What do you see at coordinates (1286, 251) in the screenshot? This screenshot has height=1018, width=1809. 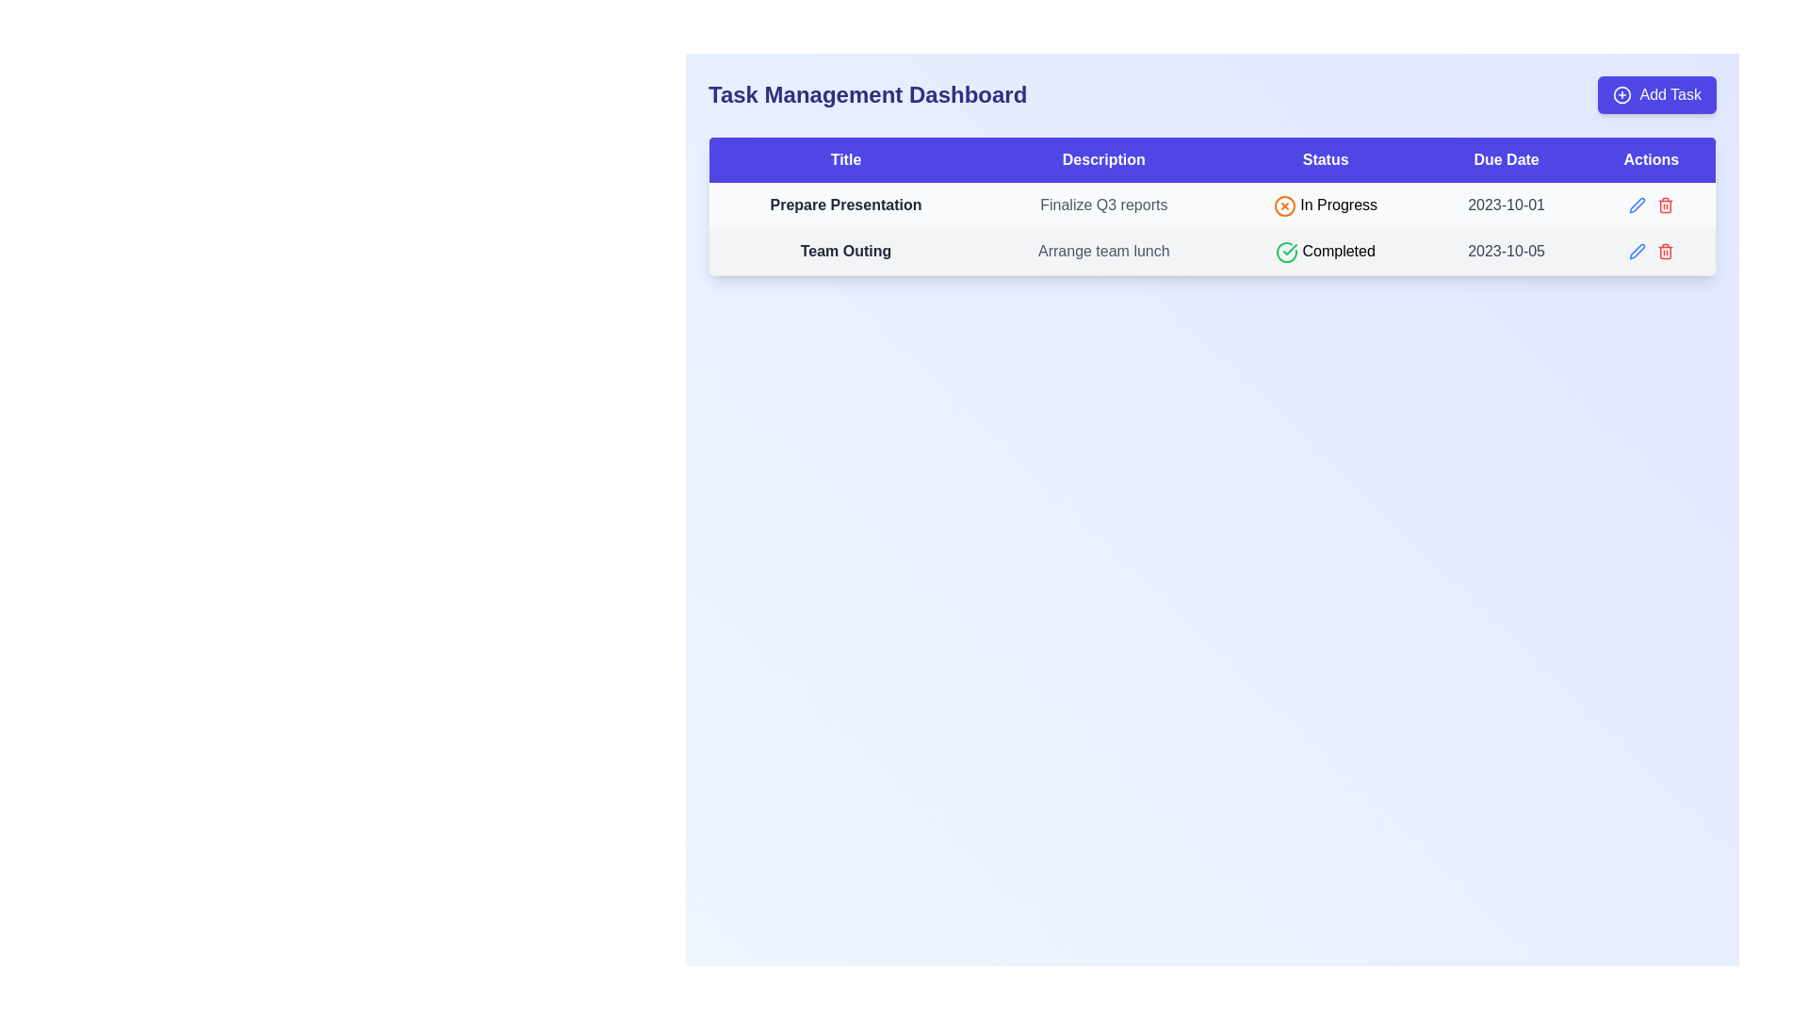 I see `the circular segment of the green checkmark icon in the 'Status' column of the second row in the table, which indicates task completion` at bounding box center [1286, 251].